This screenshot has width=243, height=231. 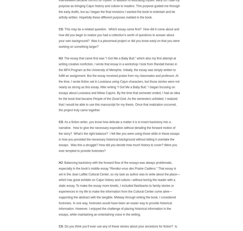 What do you see at coordinates (150, 168) in the screenshot?
I see `'Cadiens'` at bounding box center [150, 168].